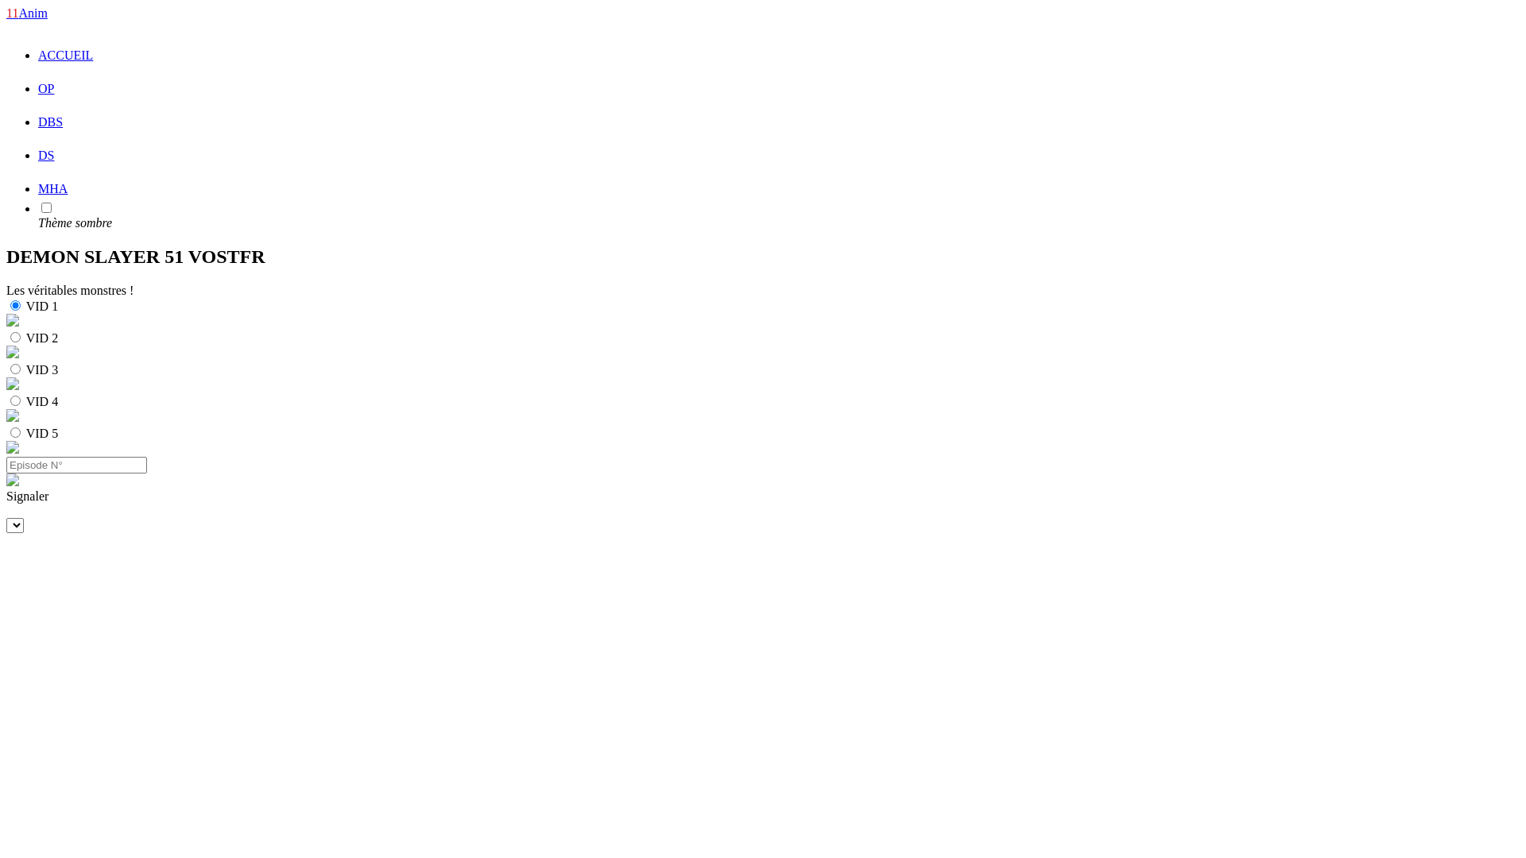 This screenshot has height=858, width=1526. What do you see at coordinates (64, 54) in the screenshot?
I see `'ACCUEIL'` at bounding box center [64, 54].